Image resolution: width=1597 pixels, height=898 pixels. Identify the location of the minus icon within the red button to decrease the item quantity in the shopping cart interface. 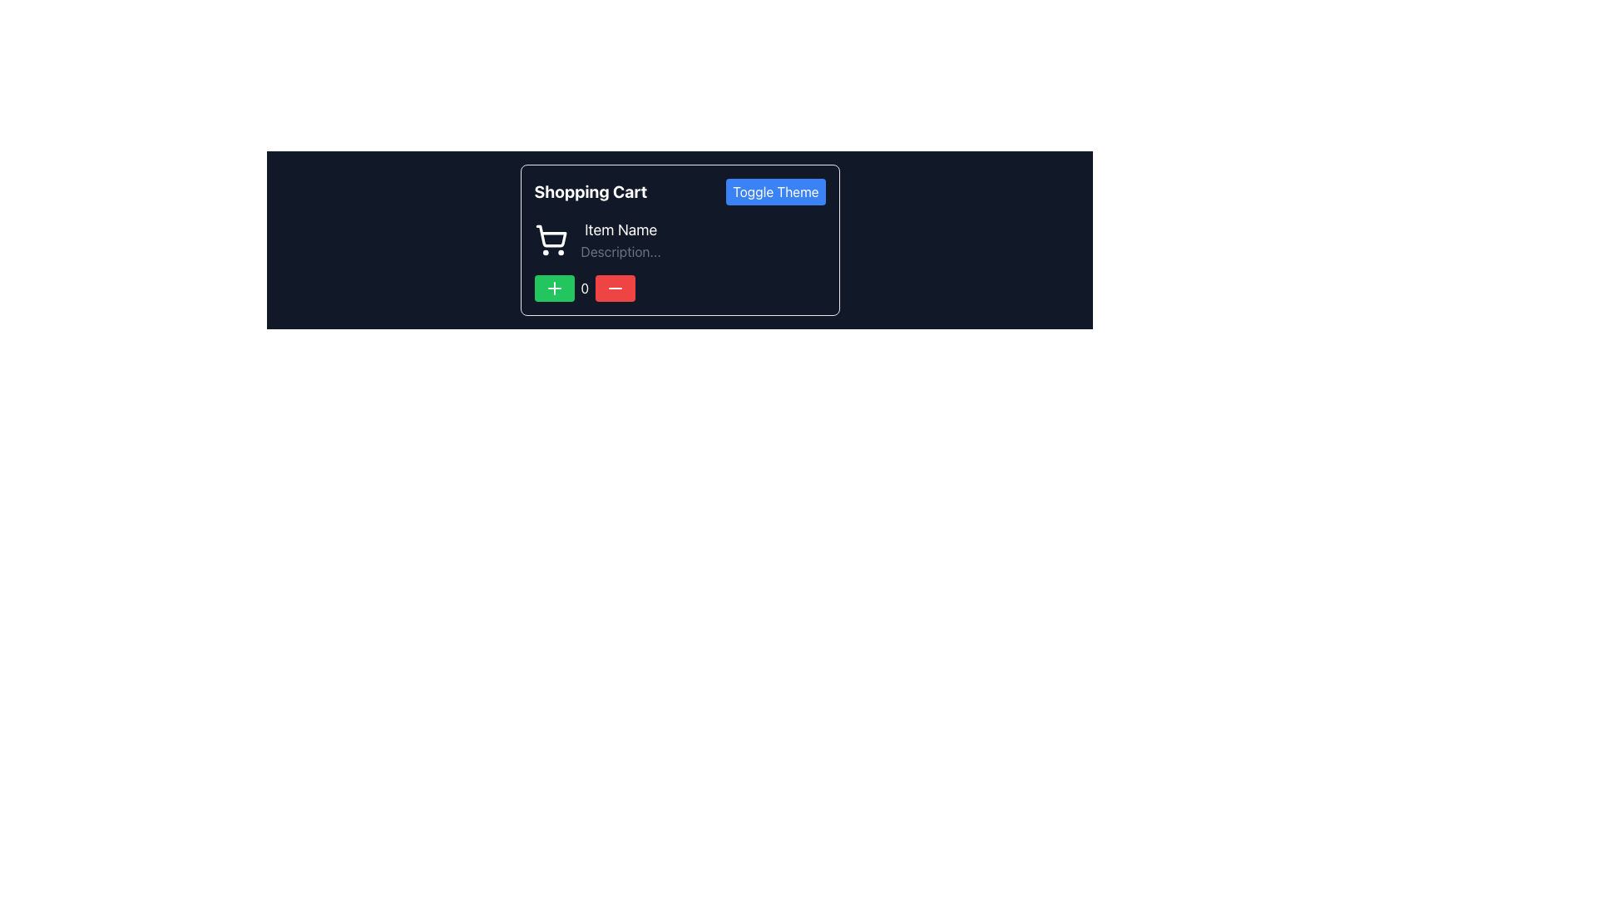
(614, 288).